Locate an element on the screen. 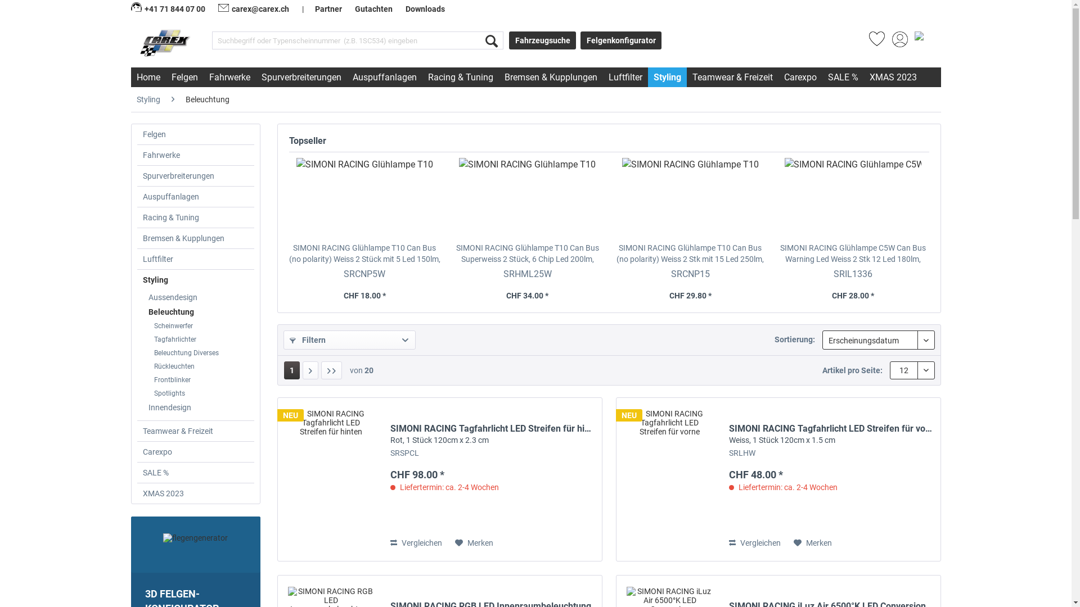  'carex@carex.ch' is located at coordinates (253, 8).